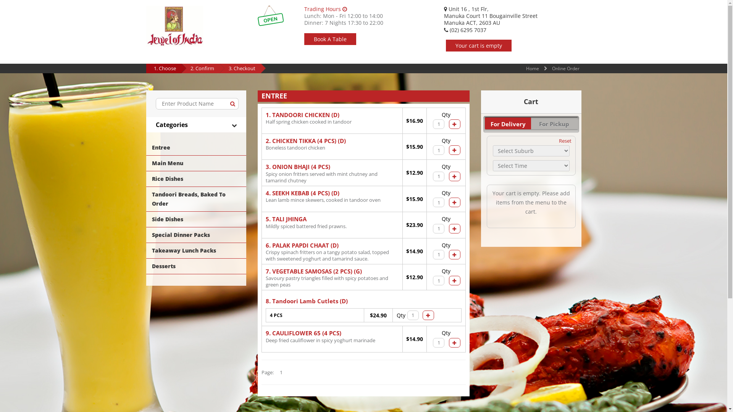  Describe the element at coordinates (146, 235) in the screenshot. I see `'Special Dinner Packs'` at that location.